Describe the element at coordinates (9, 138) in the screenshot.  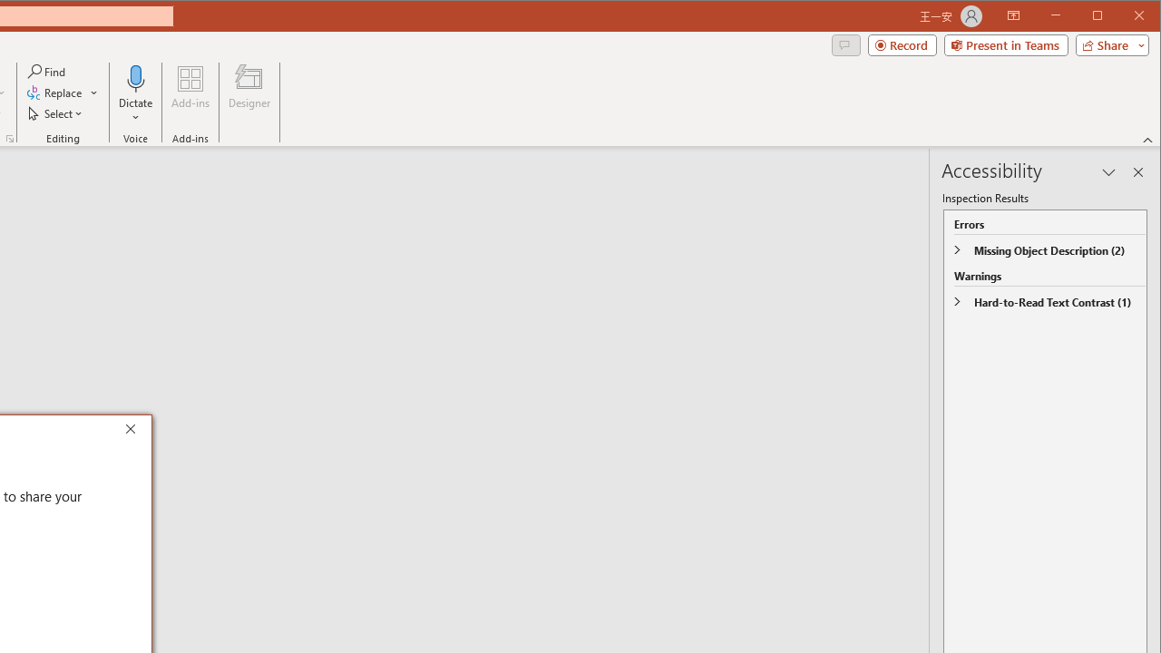
I see `'Format Object...'` at that location.